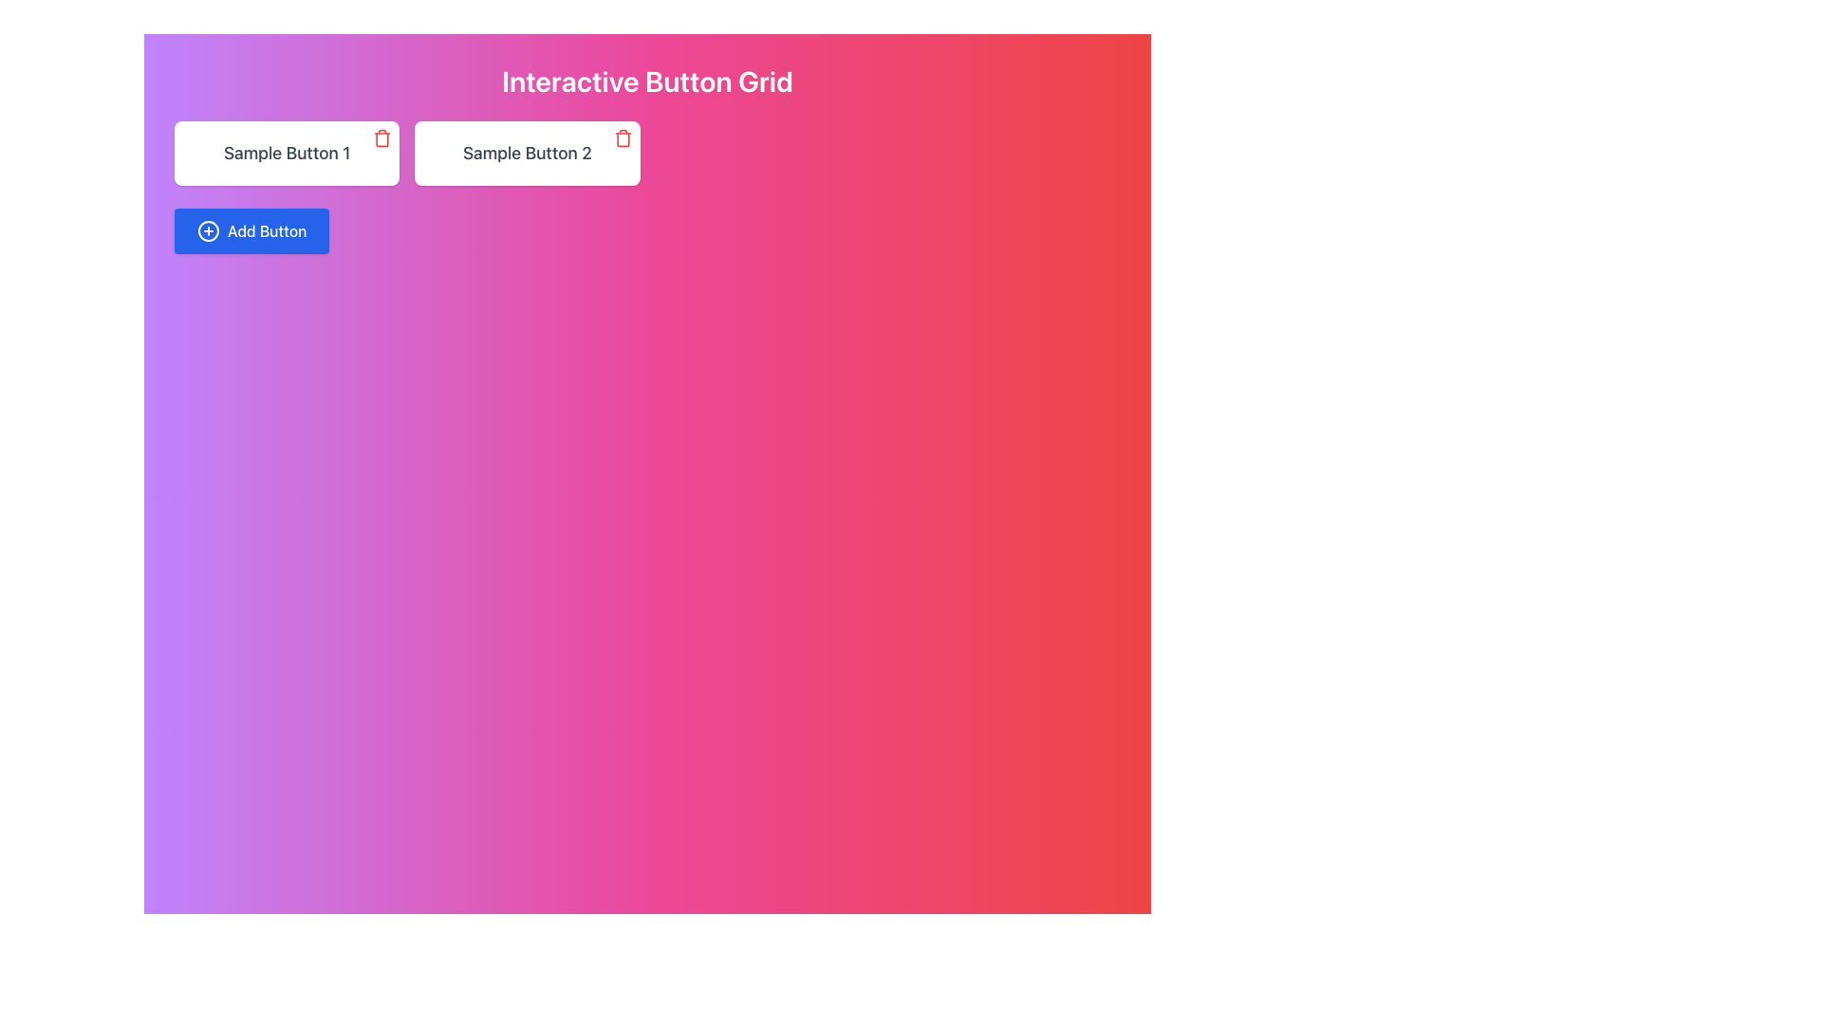 This screenshot has width=1822, height=1024. Describe the element at coordinates (251, 229) in the screenshot. I see `the blue rectangular button labeled 'Add Button' with a '+' icon to initiate the add action` at that location.